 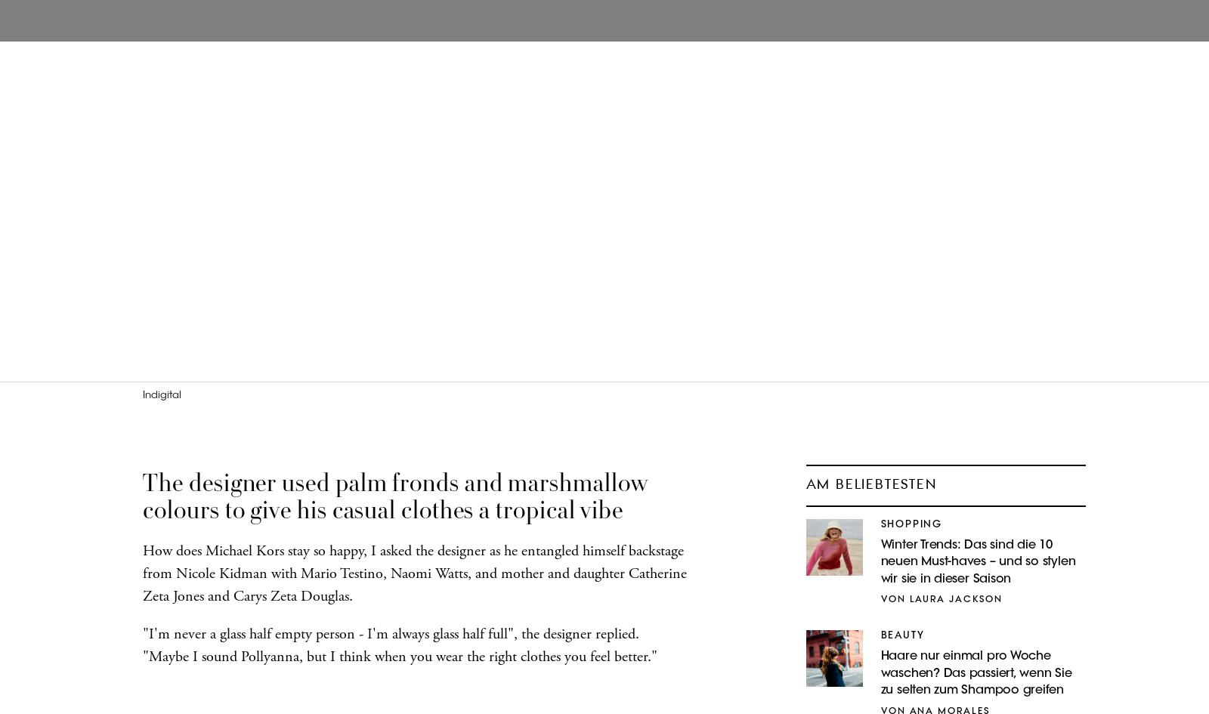 What do you see at coordinates (880, 561) in the screenshot?
I see `'Winter Trends: Das sind die 10 neuen Must-haves – und so stylen wir sie in dieser Saison'` at bounding box center [880, 561].